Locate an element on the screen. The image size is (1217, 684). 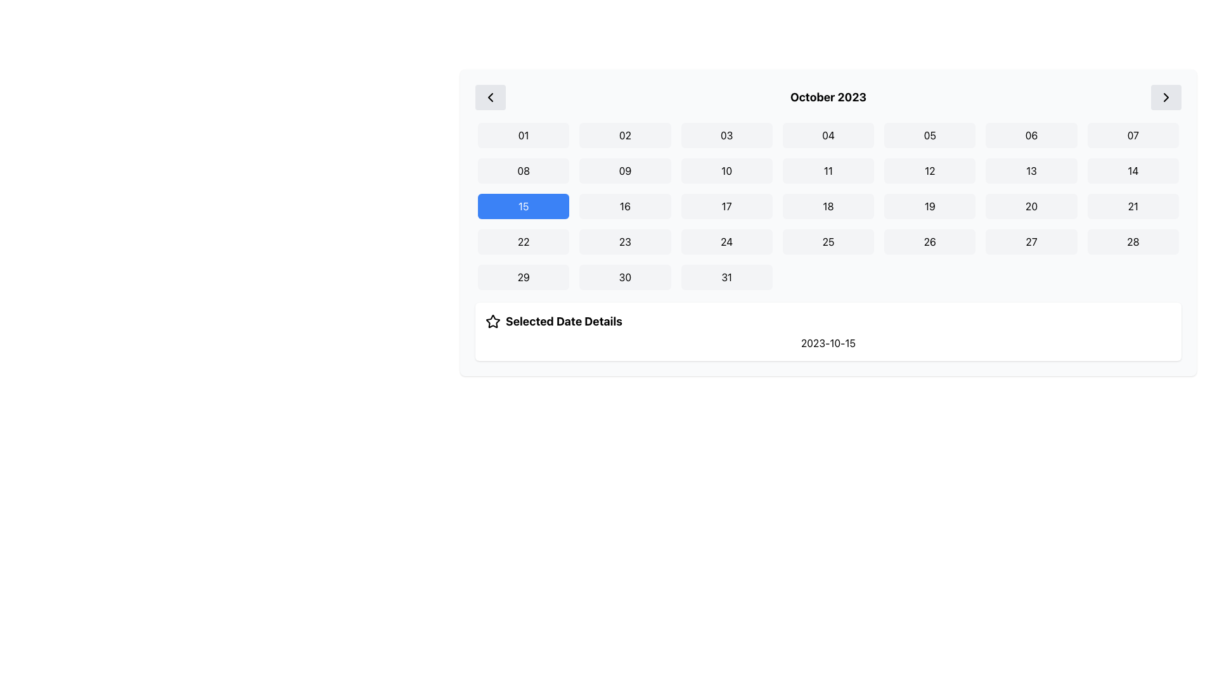
the selectable date button for 'October 24' is located at coordinates (726, 241).